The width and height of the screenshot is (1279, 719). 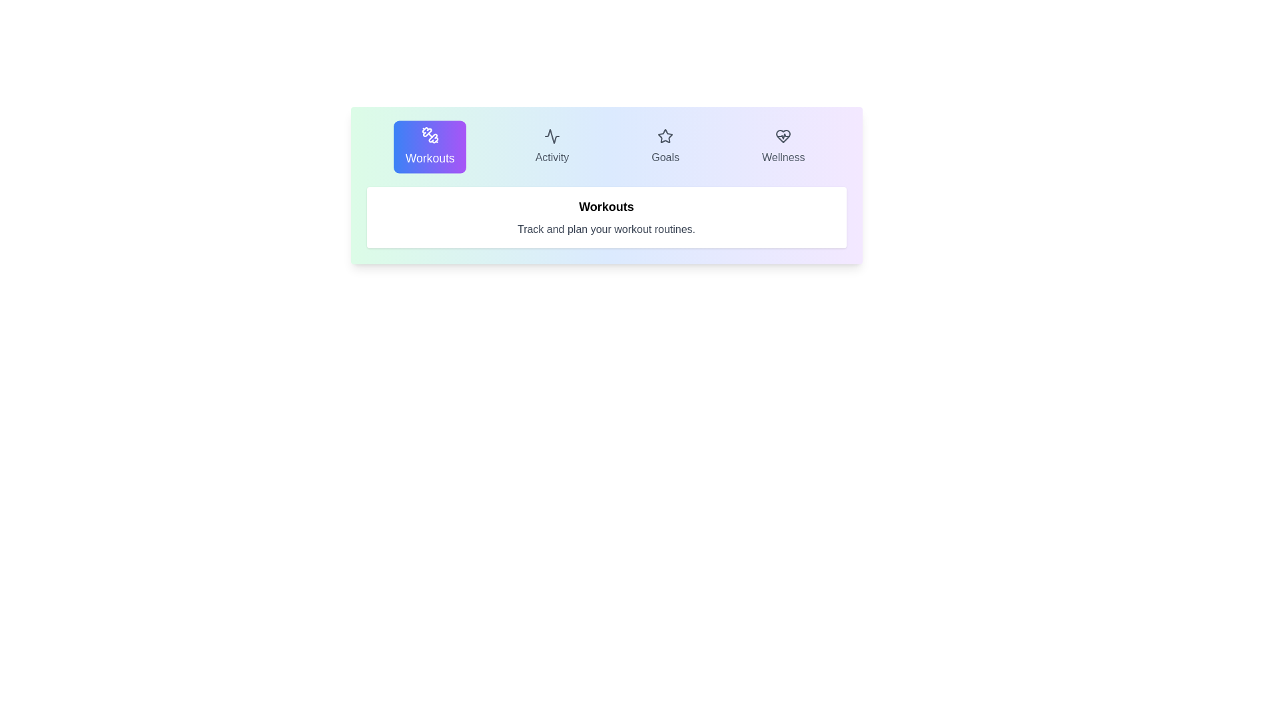 What do you see at coordinates (552, 146) in the screenshot?
I see `the Navigation button, which is the second item in the menu bar, located between 'Workouts' and 'Goals', to observe style changes` at bounding box center [552, 146].